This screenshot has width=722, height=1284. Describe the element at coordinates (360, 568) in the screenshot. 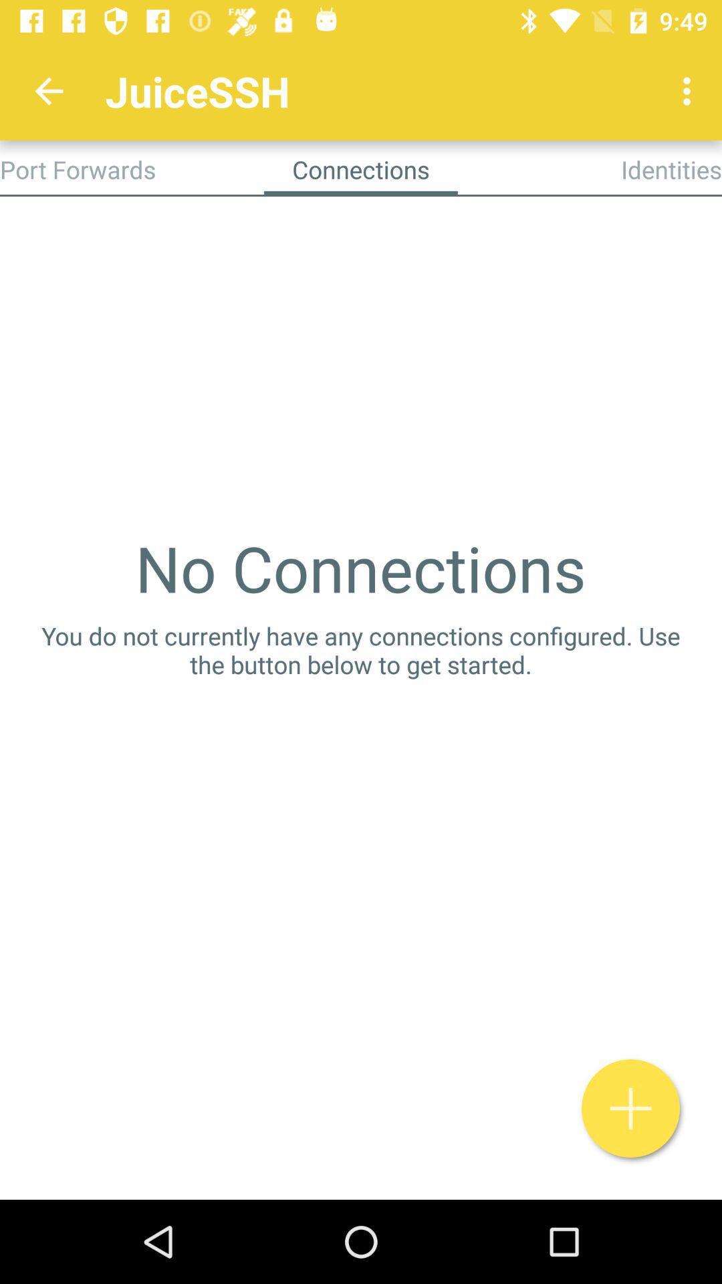

I see `the no connections` at that location.